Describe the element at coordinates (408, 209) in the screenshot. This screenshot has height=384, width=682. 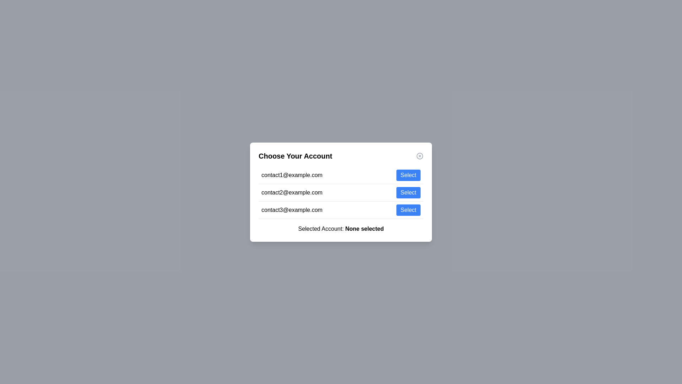
I see `'Select' button corresponding to contact3@example.com to choose that account` at that location.